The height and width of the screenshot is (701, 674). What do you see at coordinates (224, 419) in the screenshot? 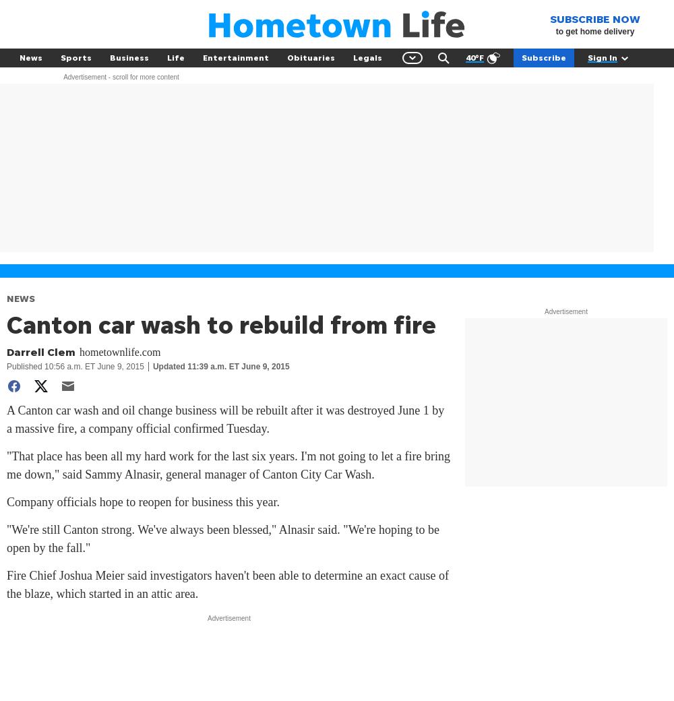
I see `'A Canton car wash and oil change business will be rebuilt after it was destroyed June 1 by a massive fire, a company official confirmed Tuesday.'` at bounding box center [224, 419].